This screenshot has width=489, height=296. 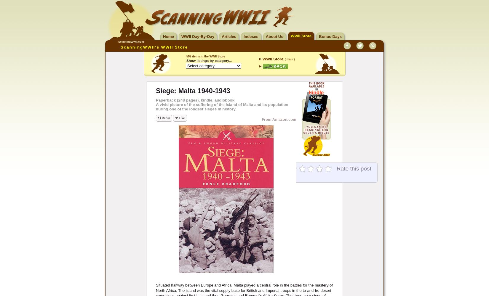 I want to click on 'WWII Store', so click(x=262, y=59).